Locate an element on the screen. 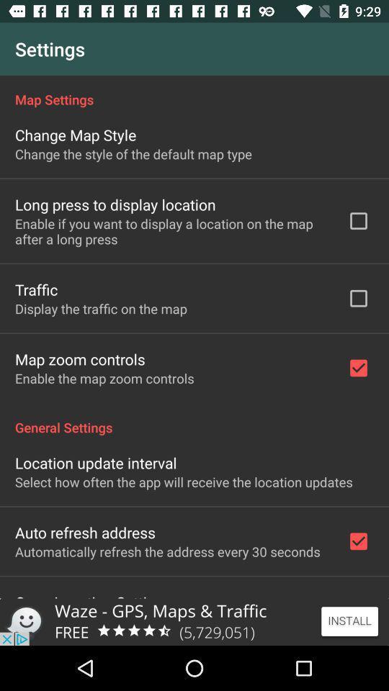  item above the location update interval item is located at coordinates (194, 420).